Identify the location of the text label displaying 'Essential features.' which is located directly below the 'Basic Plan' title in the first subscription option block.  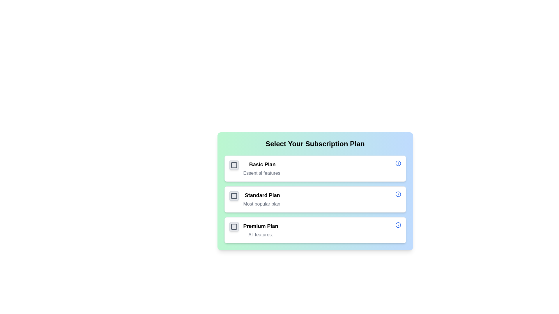
(262, 173).